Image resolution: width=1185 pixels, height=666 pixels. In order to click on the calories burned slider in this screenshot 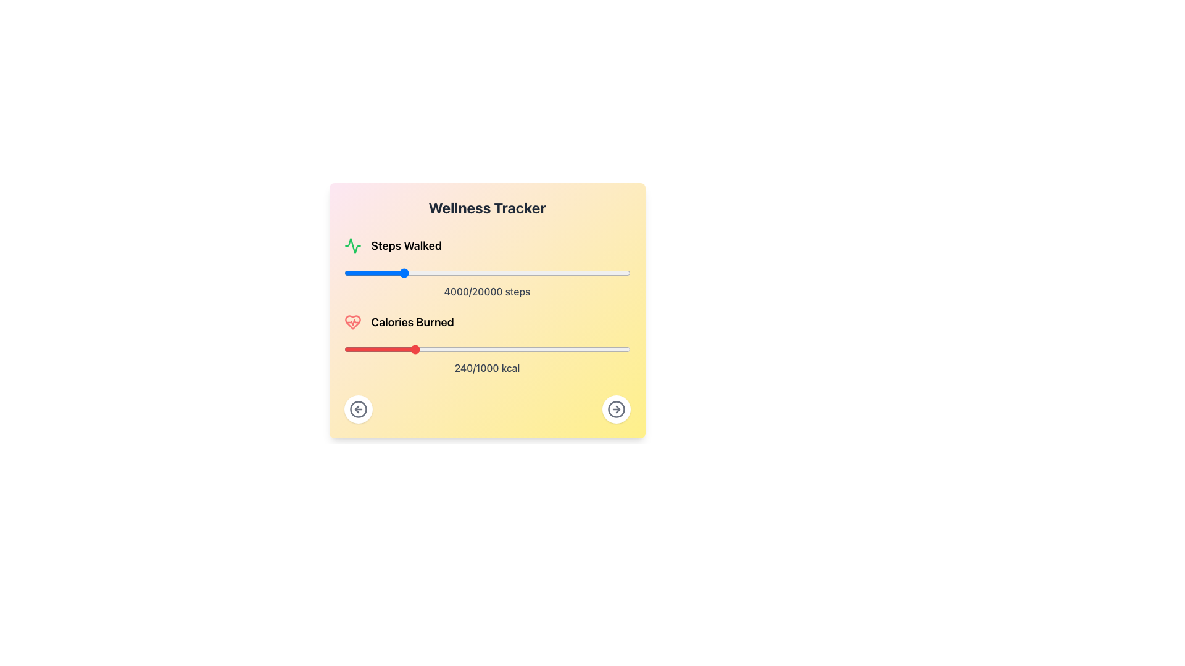, I will do `click(405, 350)`.